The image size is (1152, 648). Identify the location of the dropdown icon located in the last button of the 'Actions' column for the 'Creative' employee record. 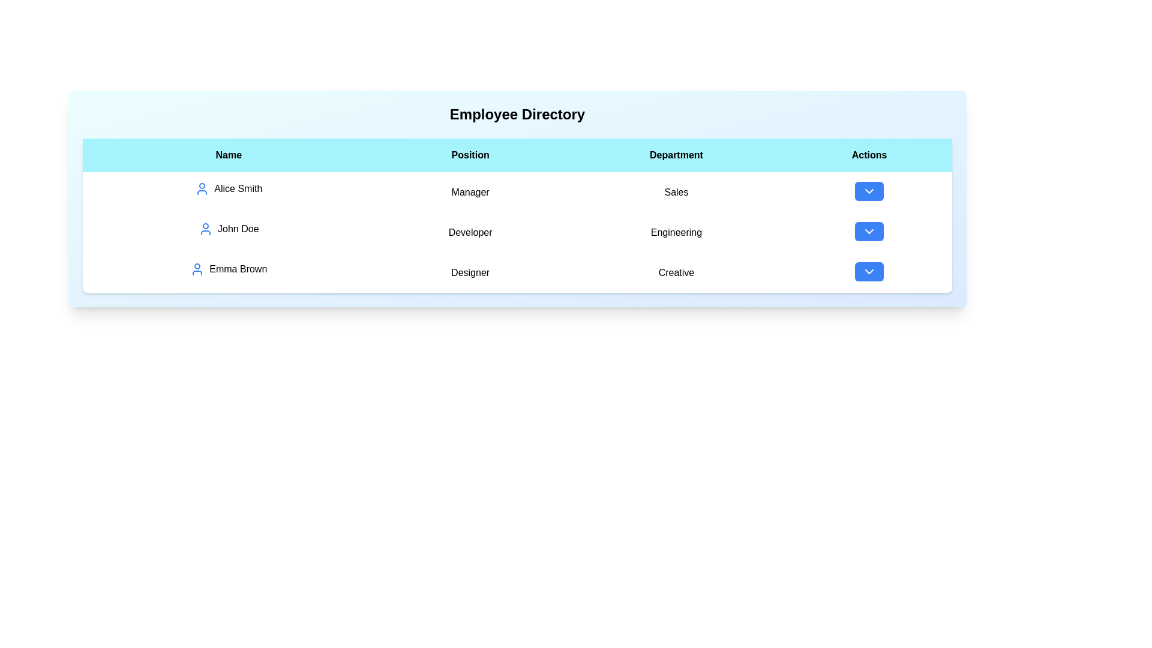
(869, 271).